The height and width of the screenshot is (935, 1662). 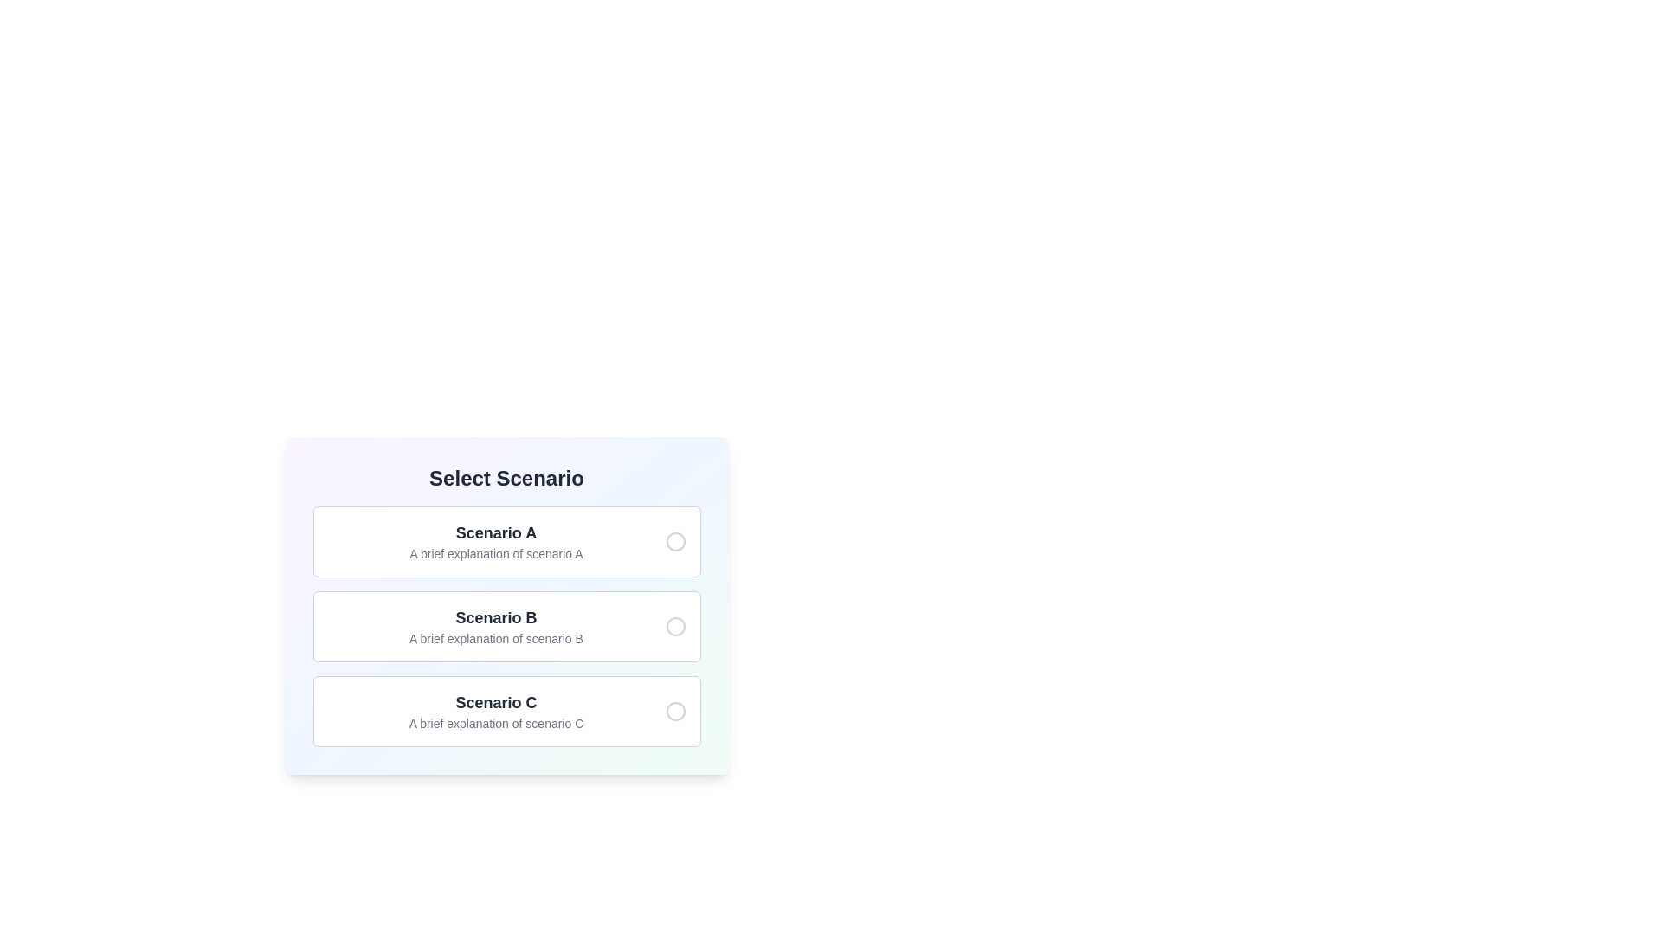 I want to click on the Circular Indicator with an outlined border, styled in light gray, which is part of the selectable option labeled 'Scenario B' located near the right side of the option, so click(x=674, y=627).